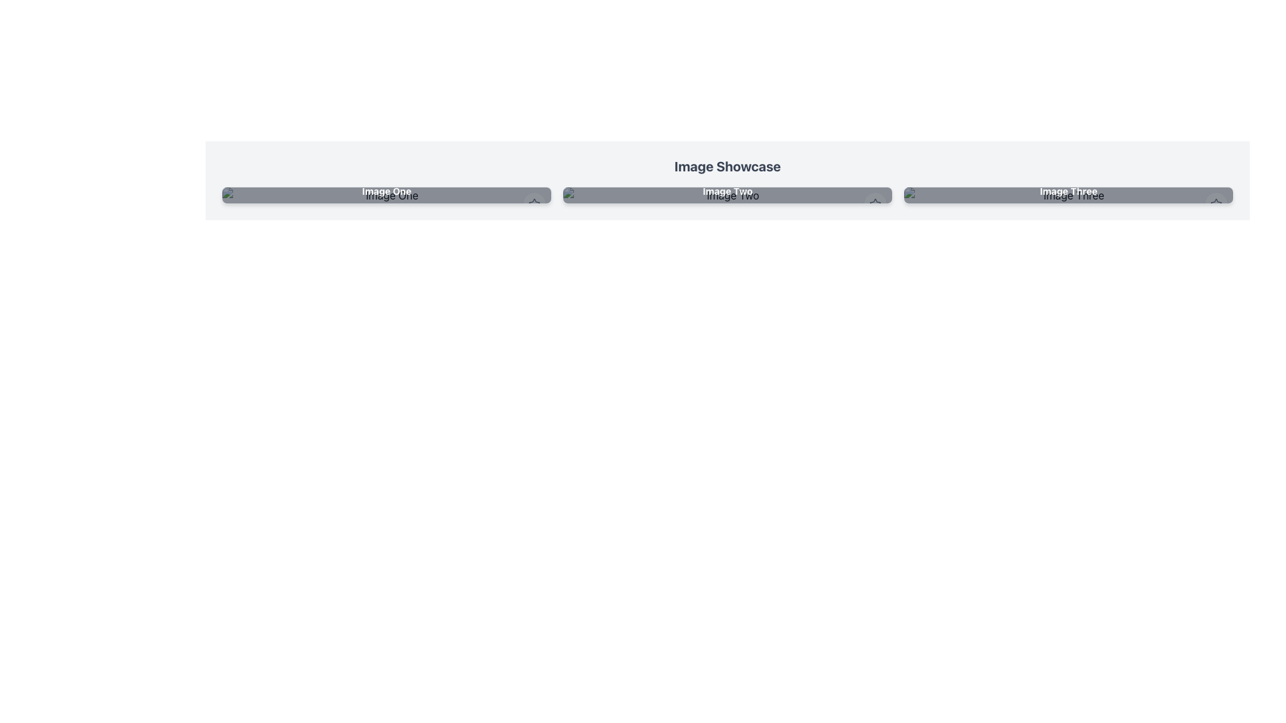 This screenshot has height=723, width=1286. Describe the element at coordinates (1216, 204) in the screenshot. I see `the round button with a white background and a gray star icon located in the top-right corner of the card labeled 'Image Three'` at that location.